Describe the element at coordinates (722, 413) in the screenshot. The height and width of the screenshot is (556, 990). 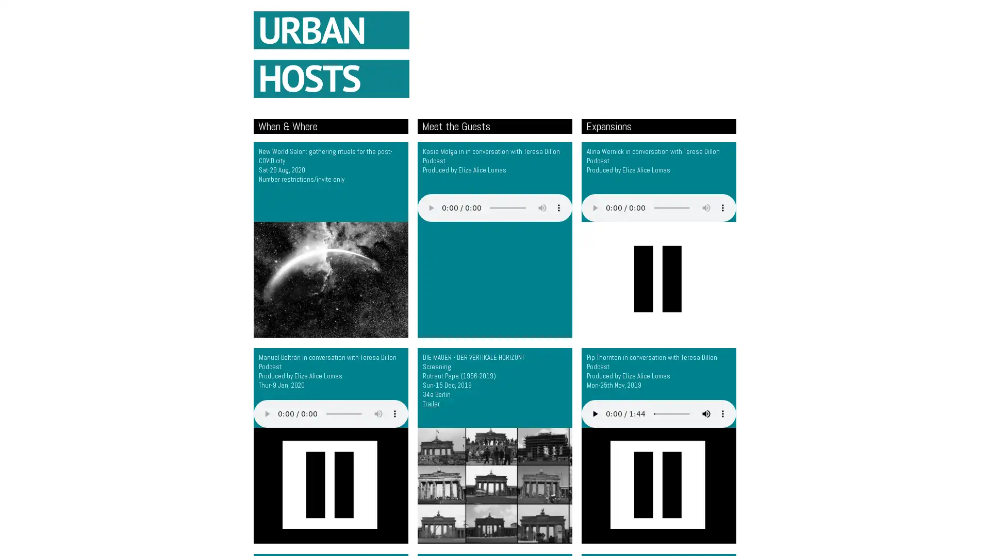
I see `show more media controls` at that location.